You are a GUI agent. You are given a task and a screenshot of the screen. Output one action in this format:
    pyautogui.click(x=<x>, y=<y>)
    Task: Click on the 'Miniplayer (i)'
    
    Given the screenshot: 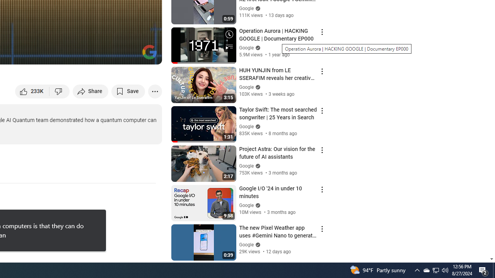 What is the action you would take?
    pyautogui.click(x=110, y=54)
    